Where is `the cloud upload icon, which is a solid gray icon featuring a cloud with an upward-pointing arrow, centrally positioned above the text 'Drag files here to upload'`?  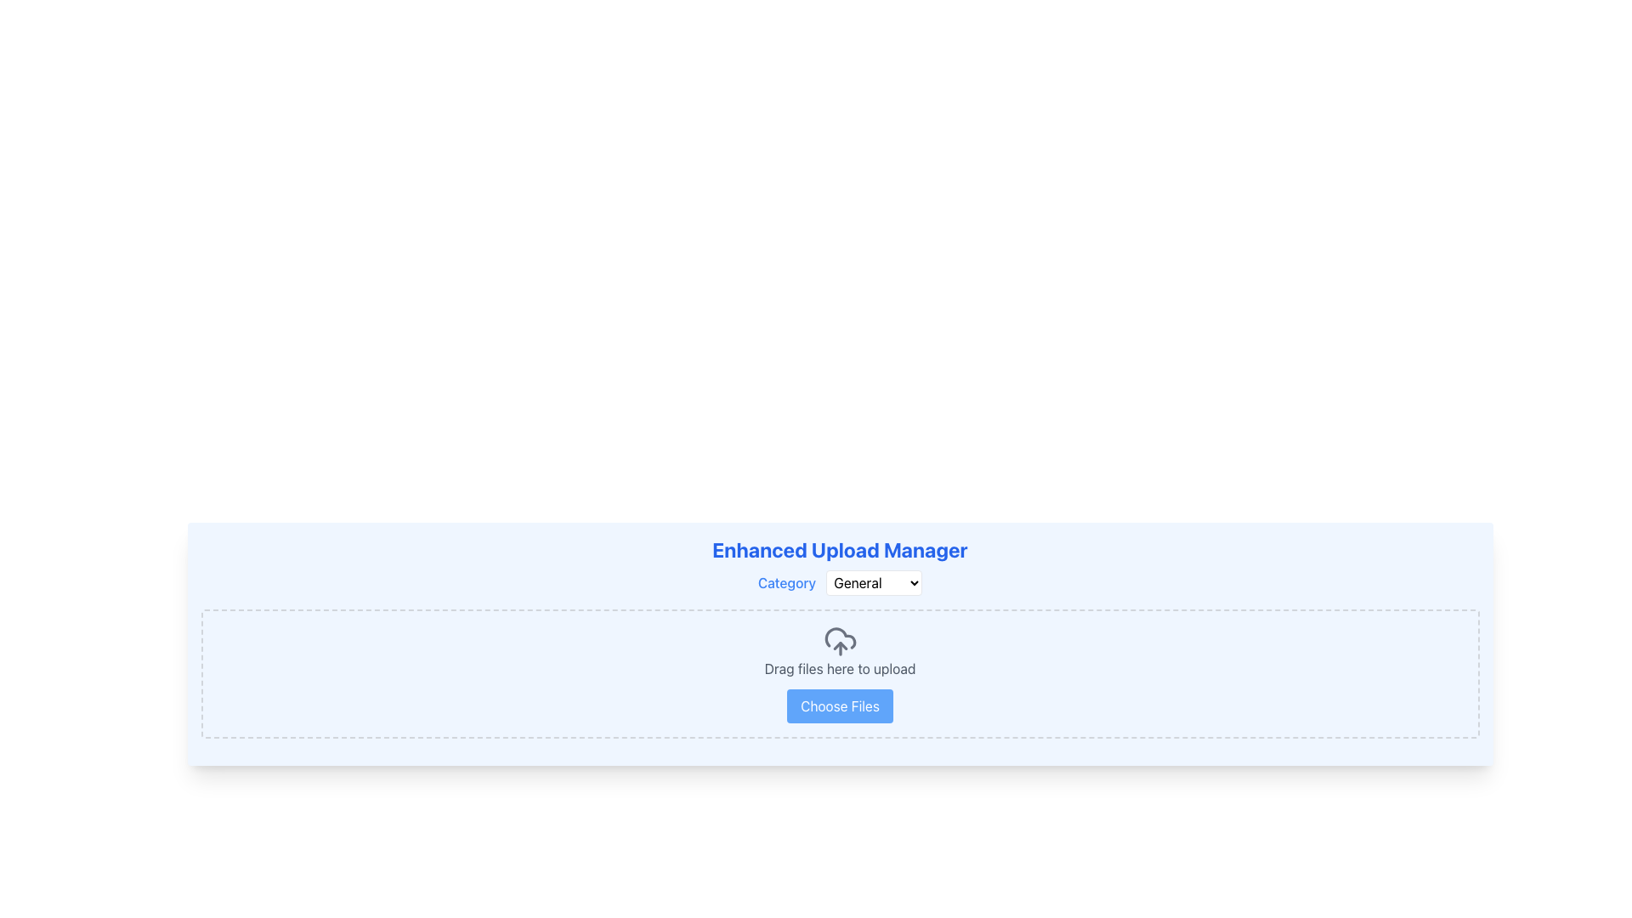 the cloud upload icon, which is a solid gray icon featuring a cloud with an upward-pointing arrow, centrally positioned above the text 'Drag files here to upload' is located at coordinates (840, 642).